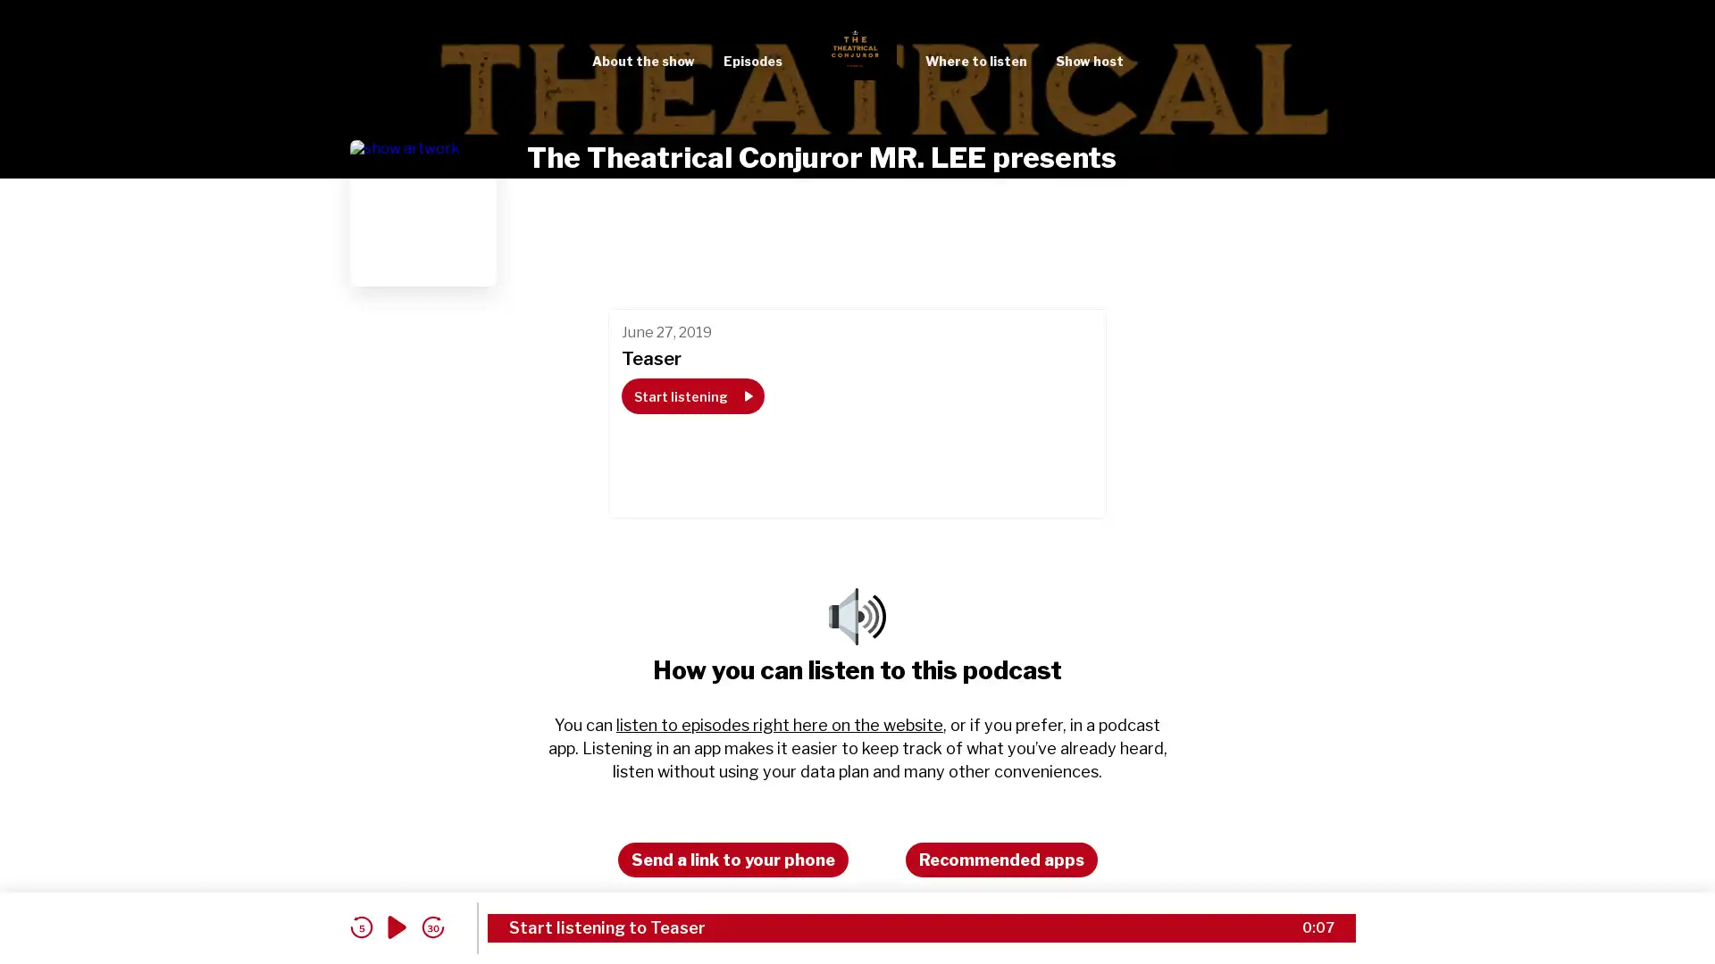 Image resolution: width=1715 pixels, height=964 pixels. I want to click on play audio, so click(397, 927).